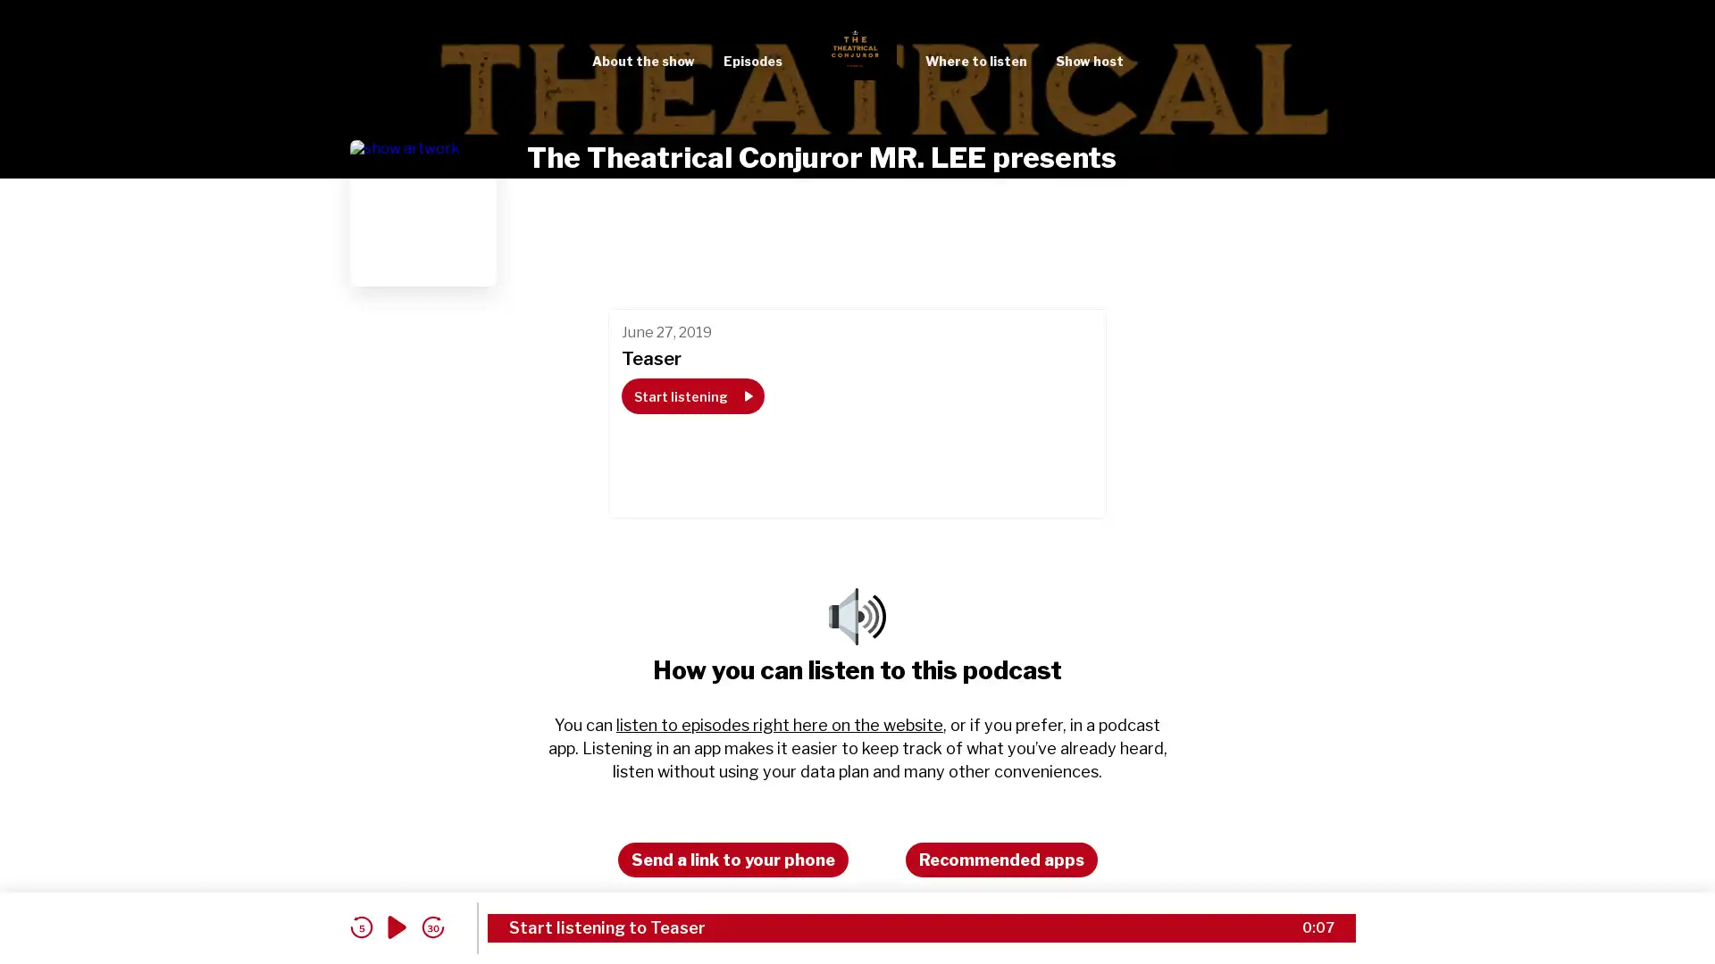 Image resolution: width=1715 pixels, height=964 pixels. I want to click on play audio, so click(397, 927).